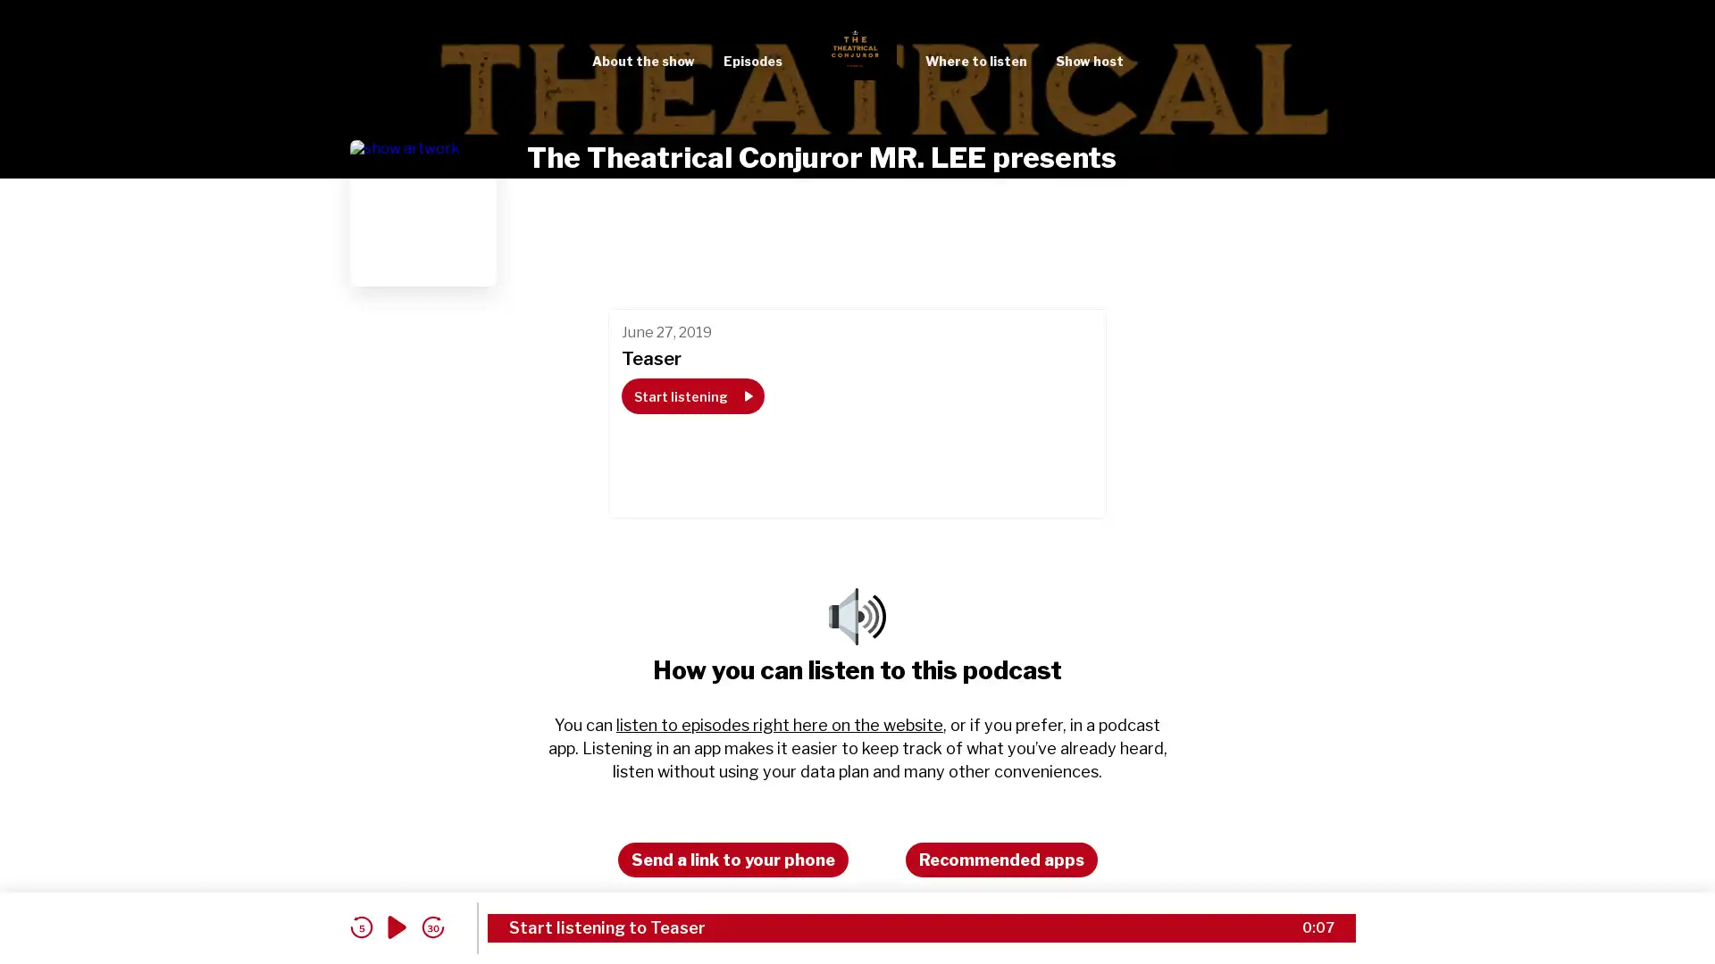 Image resolution: width=1715 pixels, height=964 pixels. I want to click on play audio, so click(397, 927).